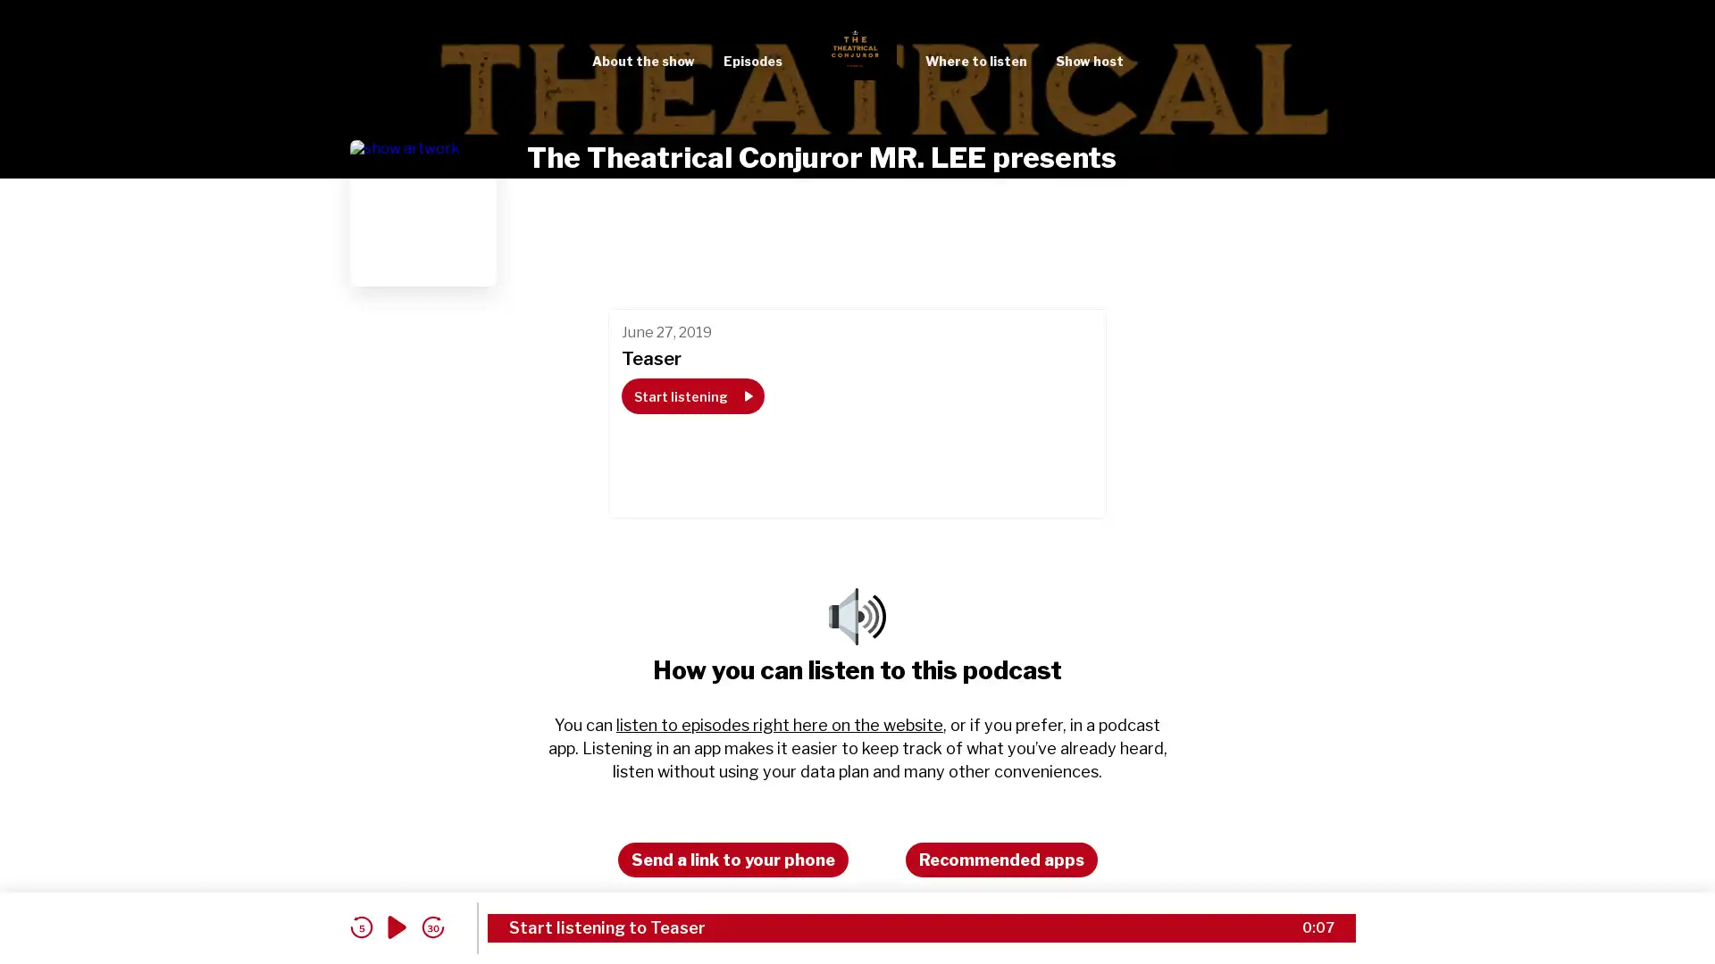 Image resolution: width=1715 pixels, height=964 pixels. I want to click on play audio, so click(397, 927).